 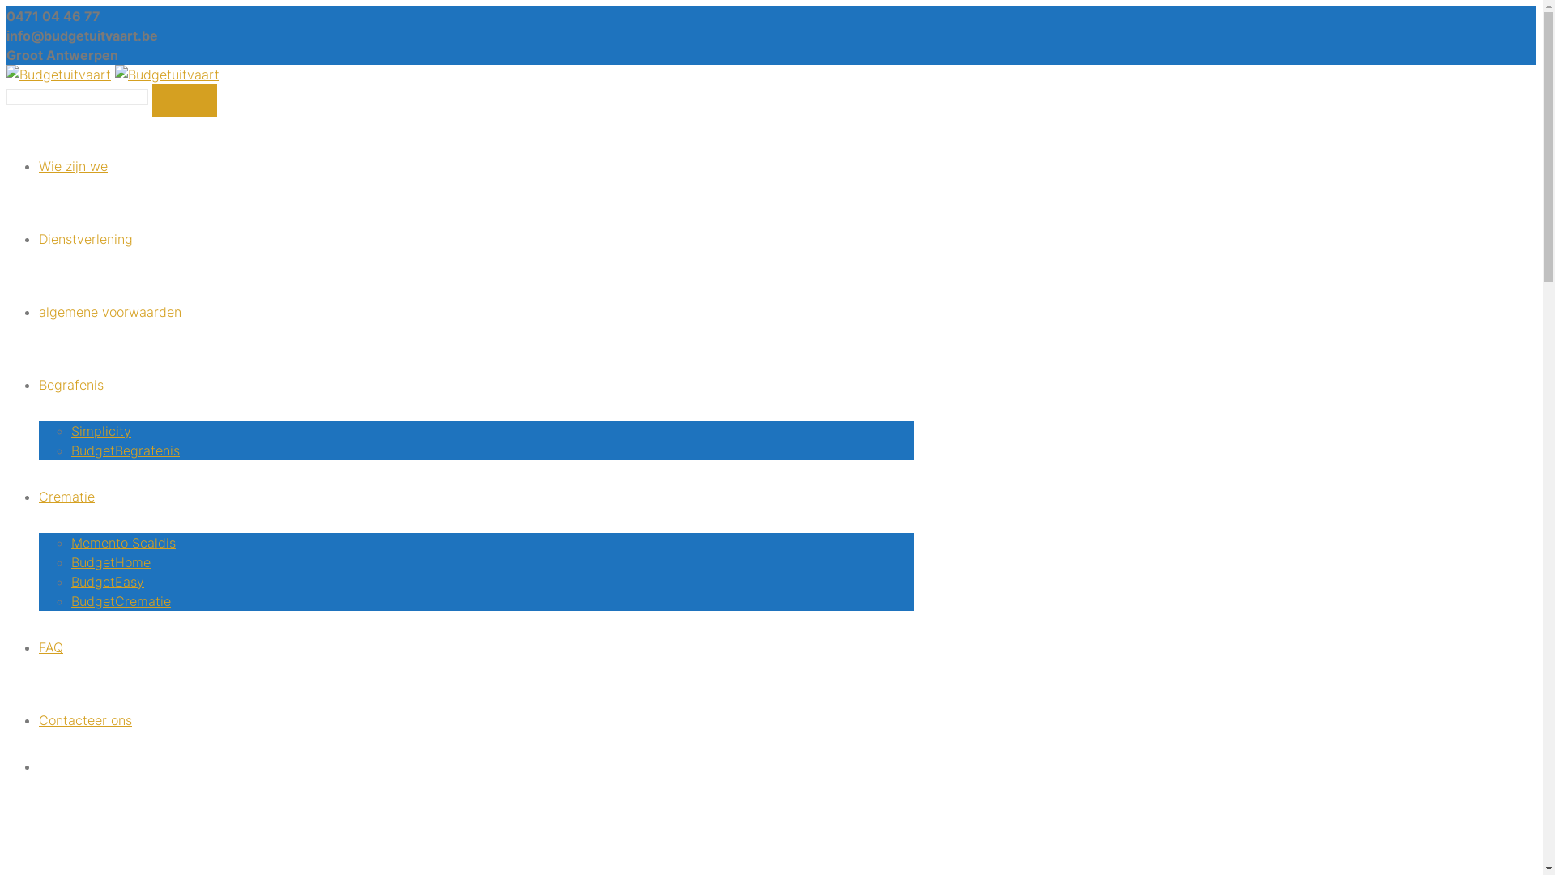 What do you see at coordinates (122, 543) in the screenshot?
I see `'Memento Scaldis'` at bounding box center [122, 543].